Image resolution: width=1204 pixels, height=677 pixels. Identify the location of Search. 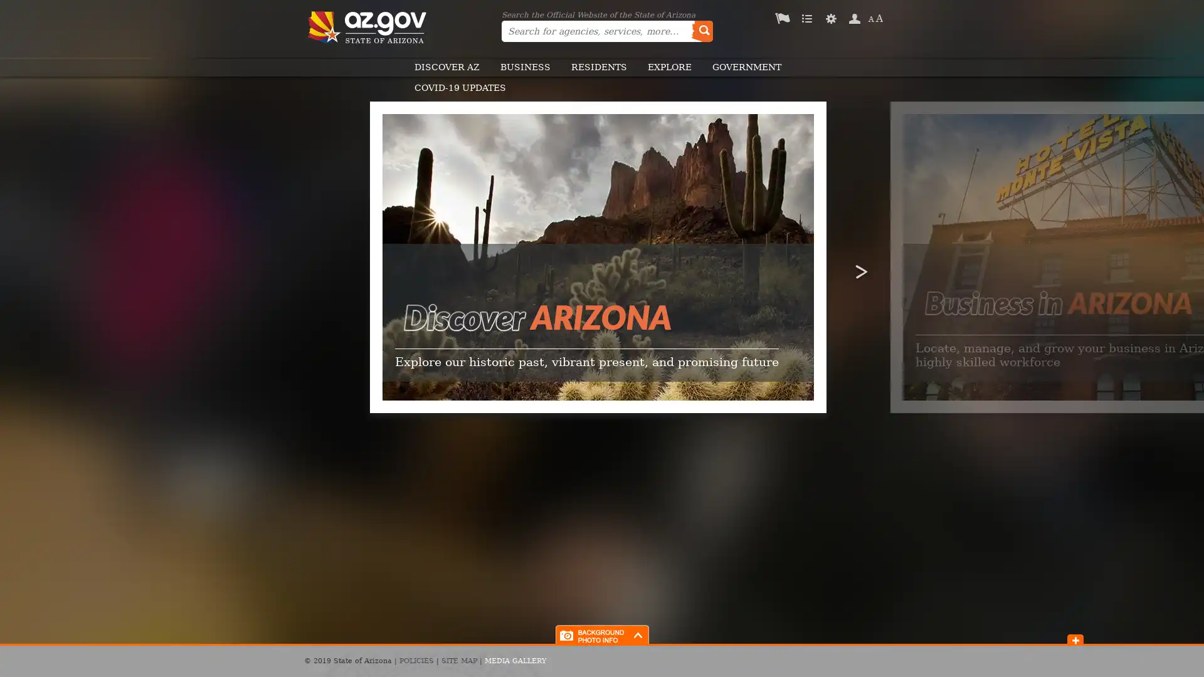
(701, 31).